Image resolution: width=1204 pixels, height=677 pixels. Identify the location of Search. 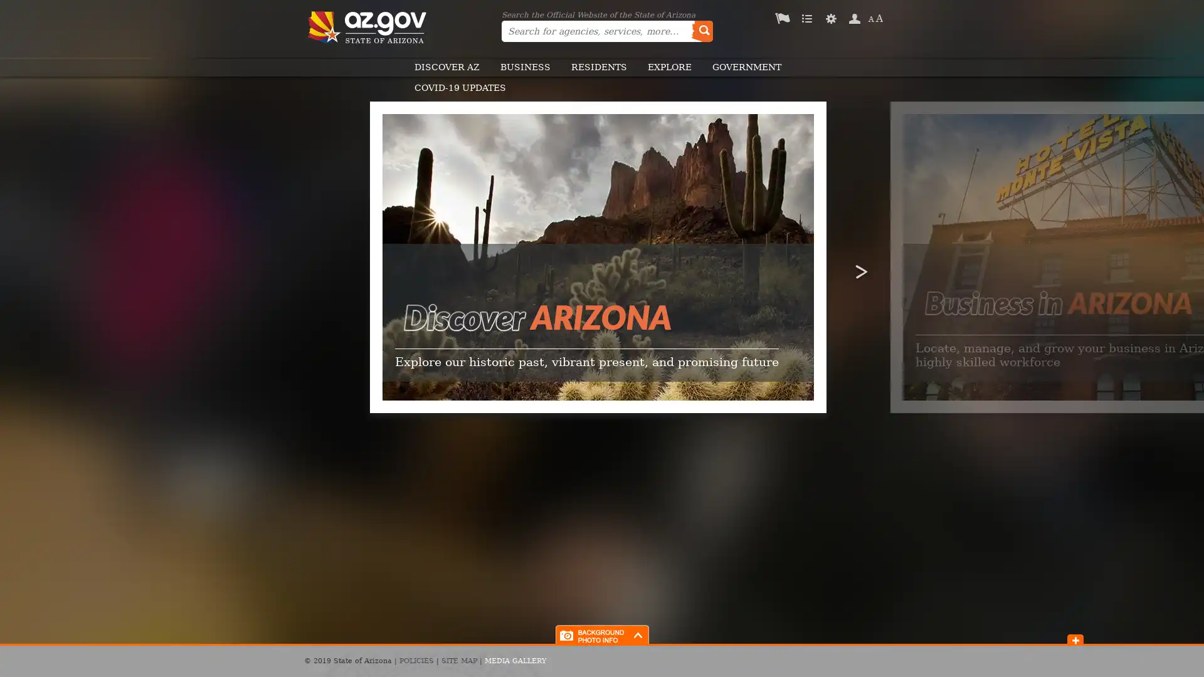
(701, 31).